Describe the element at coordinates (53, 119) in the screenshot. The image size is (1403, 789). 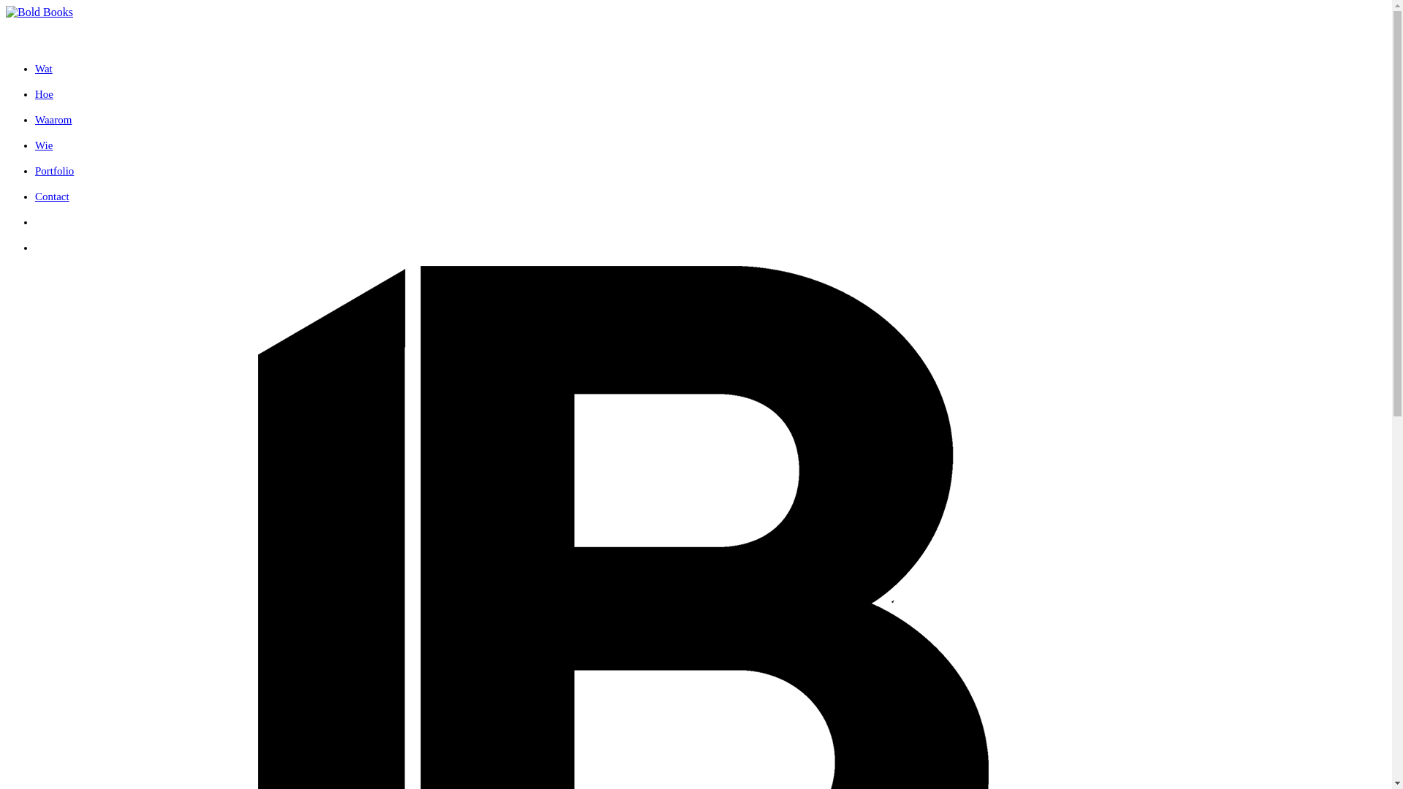
I see `'Waarom'` at that location.